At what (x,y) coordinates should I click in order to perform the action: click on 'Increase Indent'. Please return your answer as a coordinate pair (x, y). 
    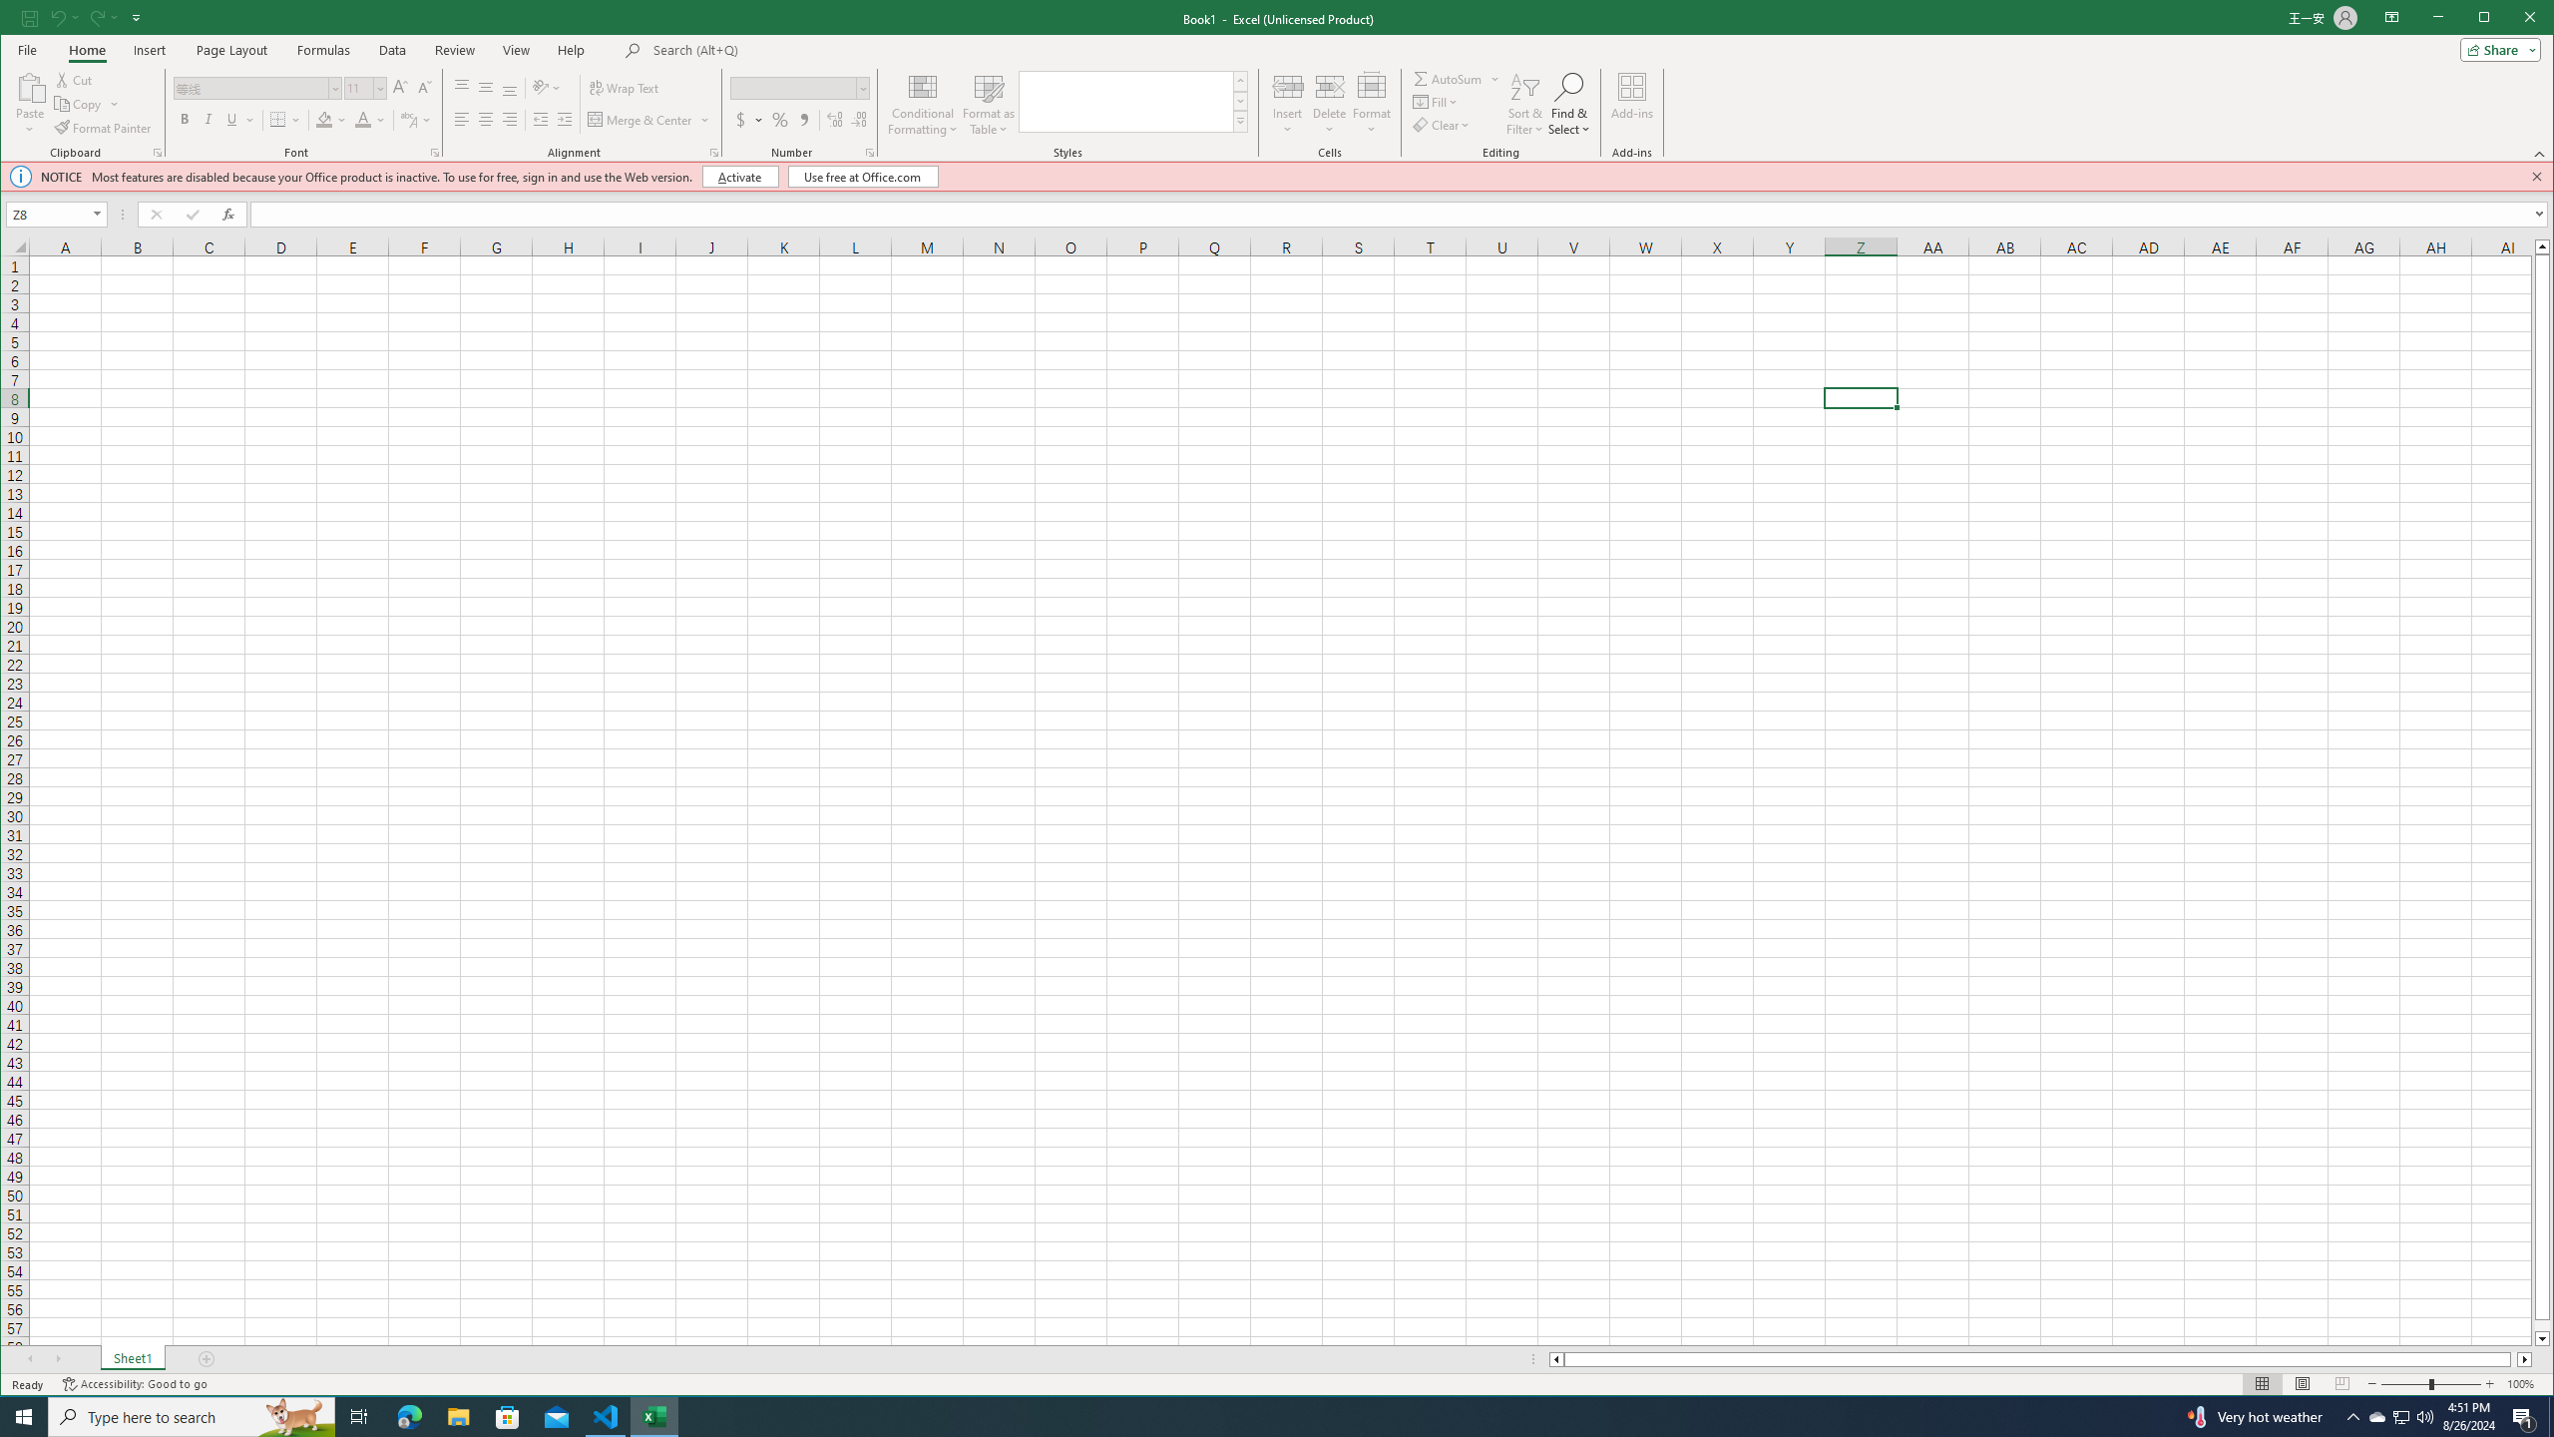
    Looking at the image, I should click on (563, 119).